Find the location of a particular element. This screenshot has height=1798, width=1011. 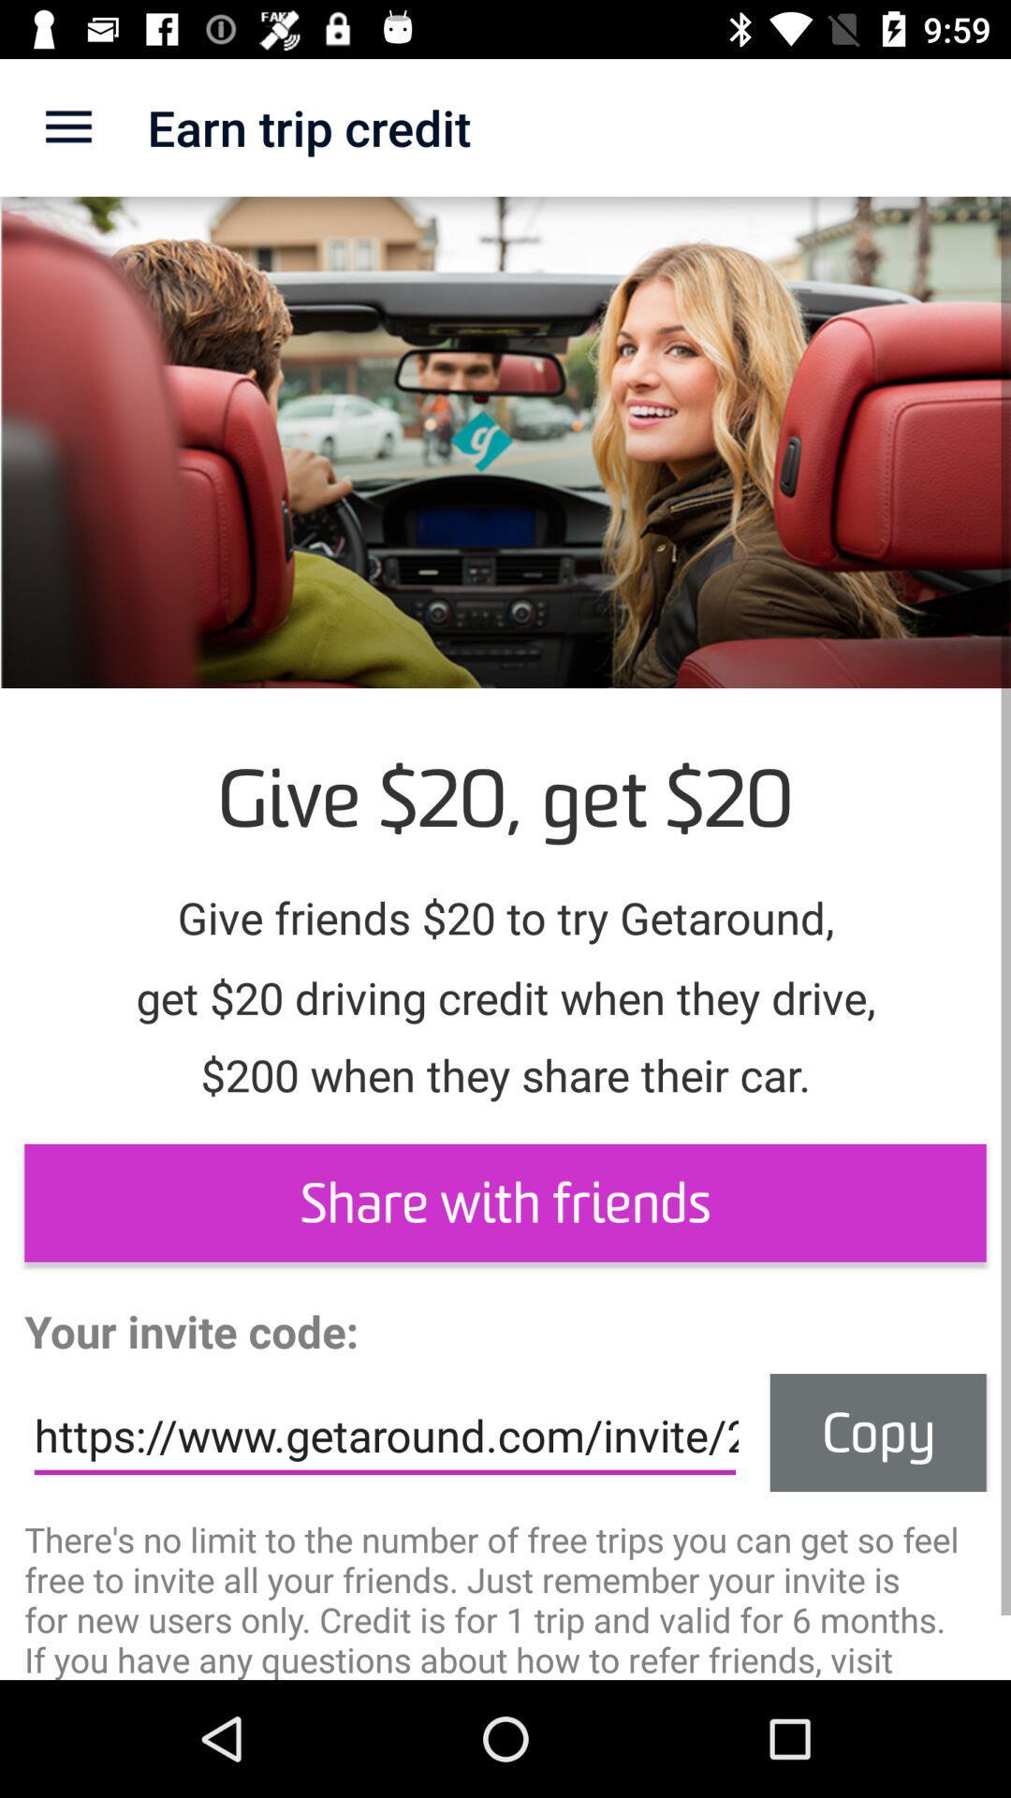

copy is located at coordinates (878, 1432).